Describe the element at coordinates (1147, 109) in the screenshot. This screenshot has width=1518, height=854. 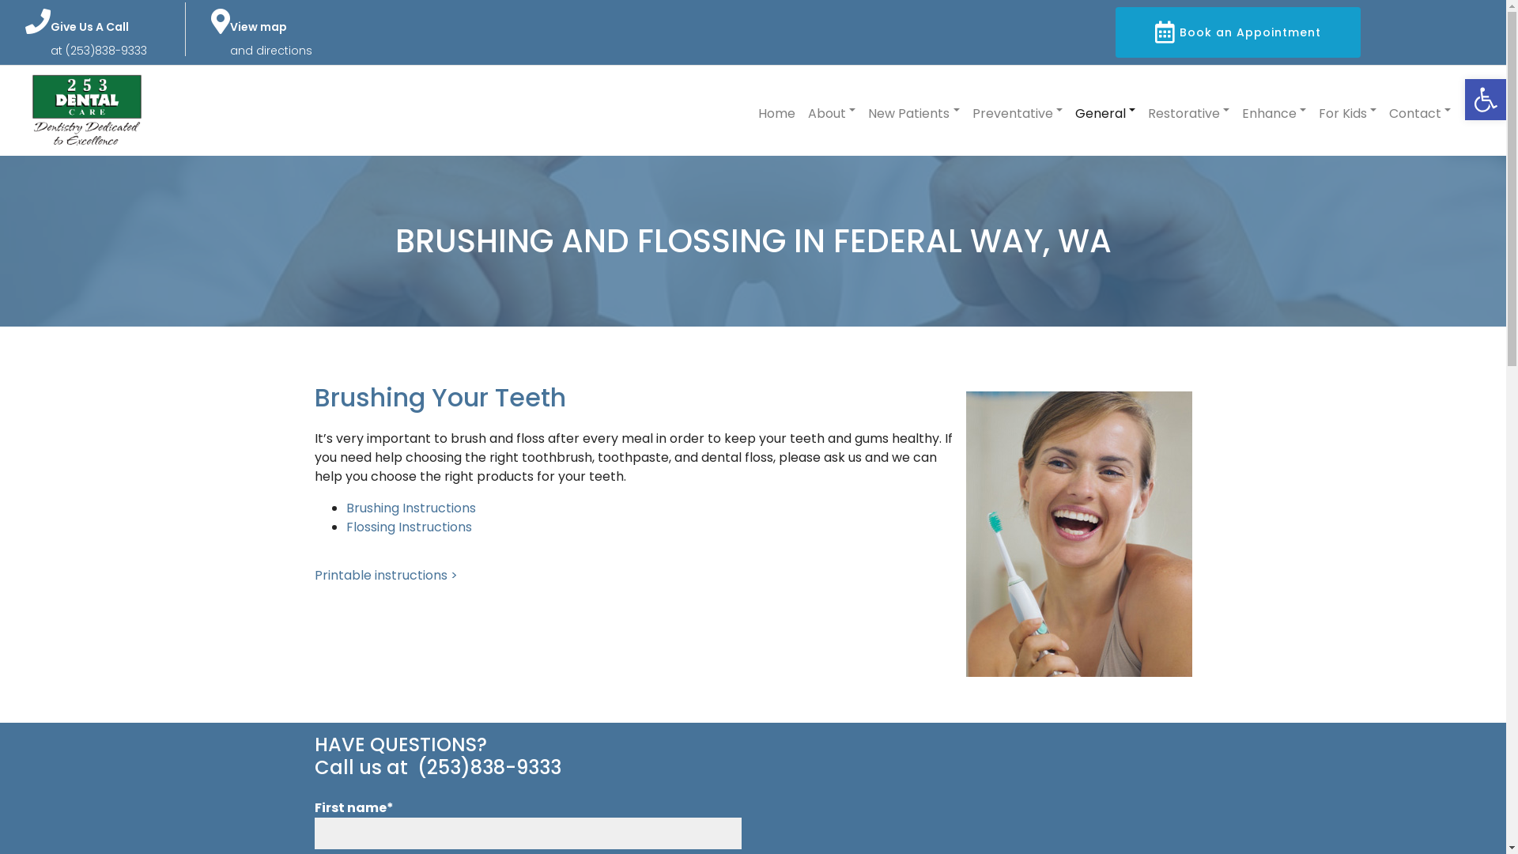
I see `'Restorative'` at that location.